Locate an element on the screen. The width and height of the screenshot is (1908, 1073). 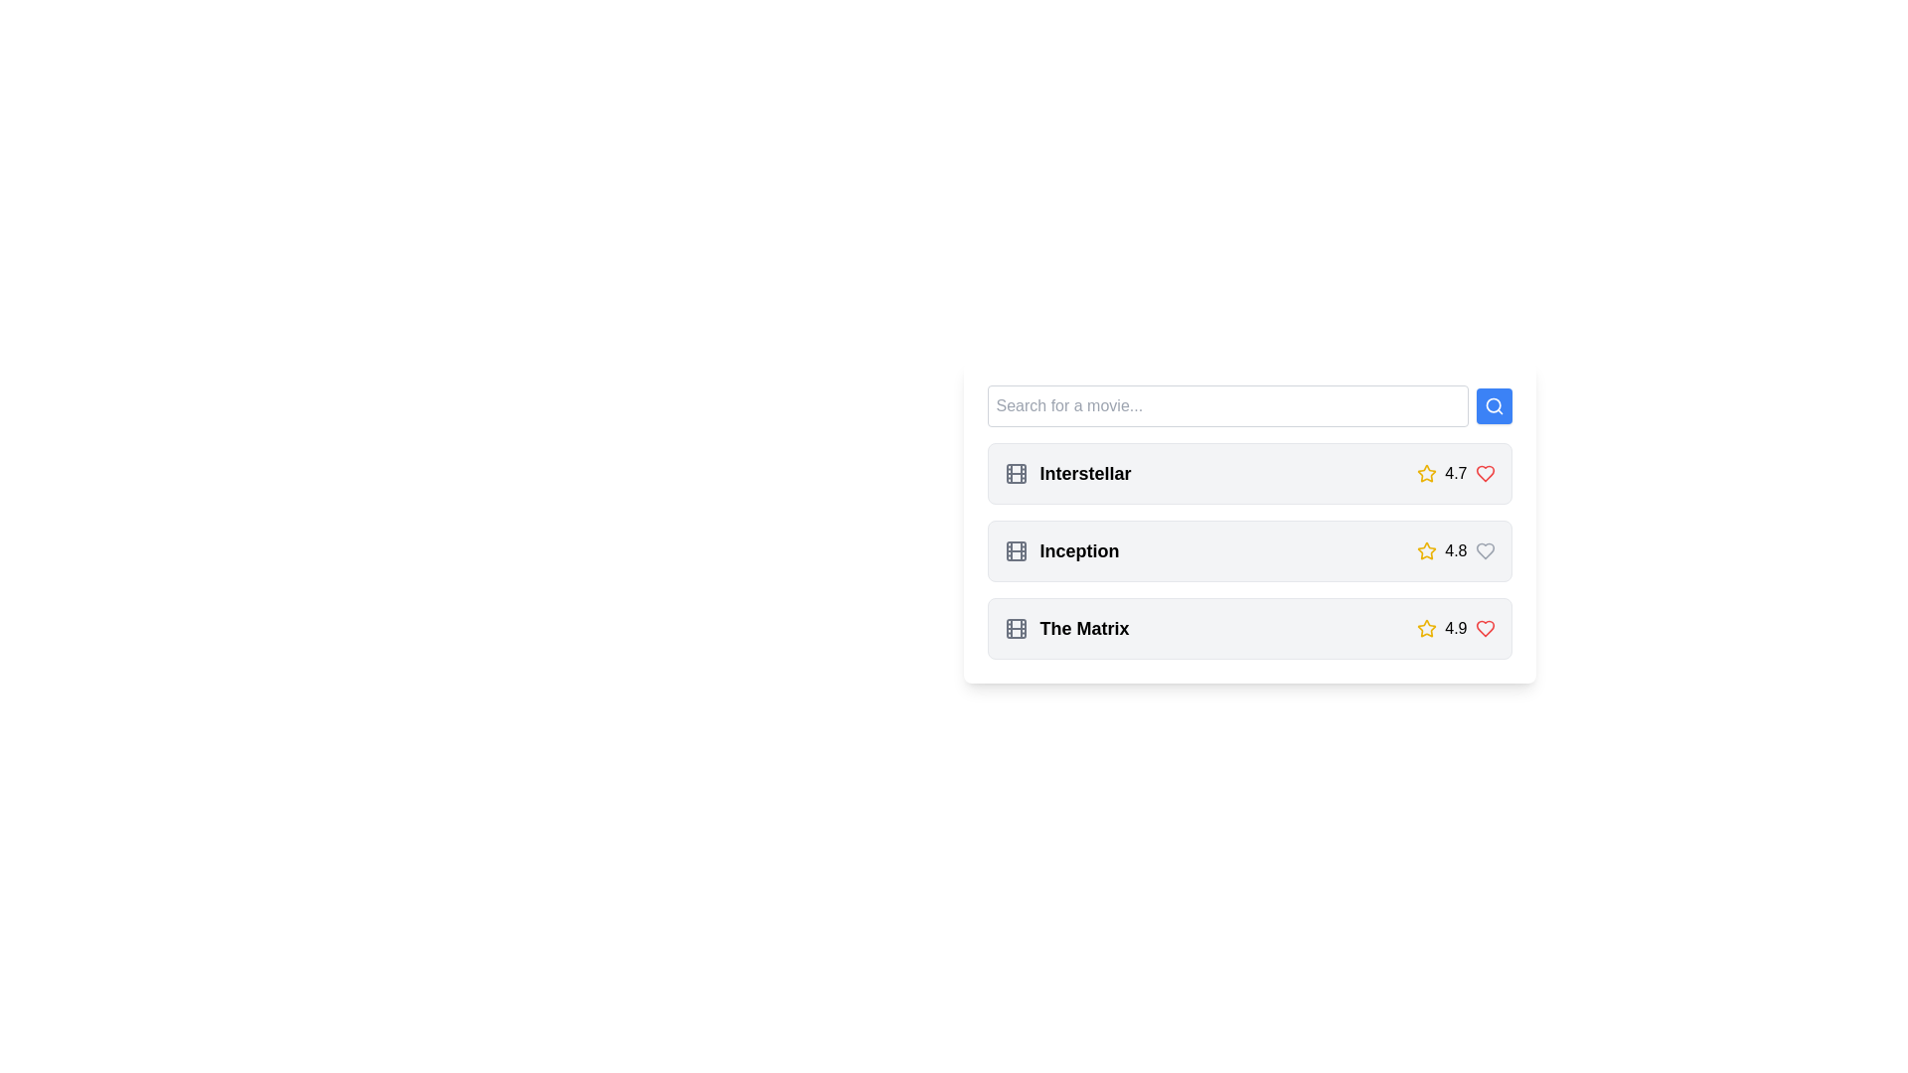
the star icon representing the rating for the movie 'Inception', located beside its rating value '4.8' is located at coordinates (1426, 550).